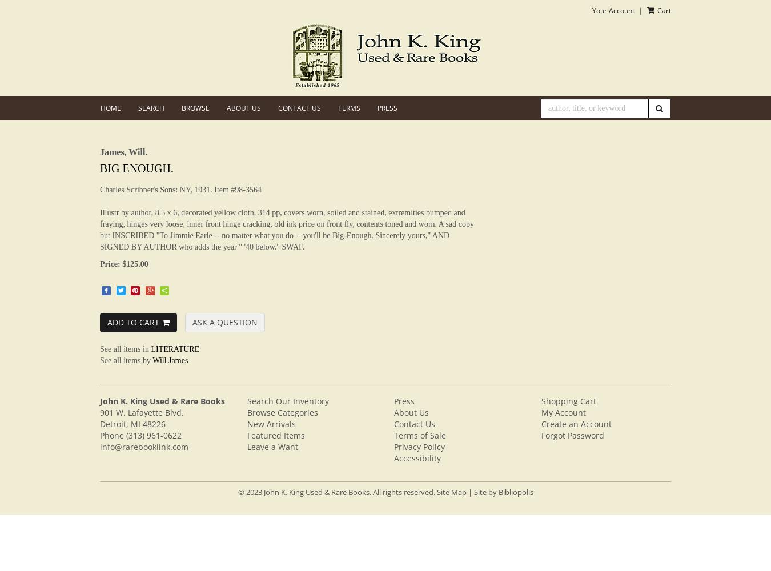 The image size is (771, 571). What do you see at coordinates (227, 188) in the screenshot?
I see `'1931. Item #98-3564'` at bounding box center [227, 188].